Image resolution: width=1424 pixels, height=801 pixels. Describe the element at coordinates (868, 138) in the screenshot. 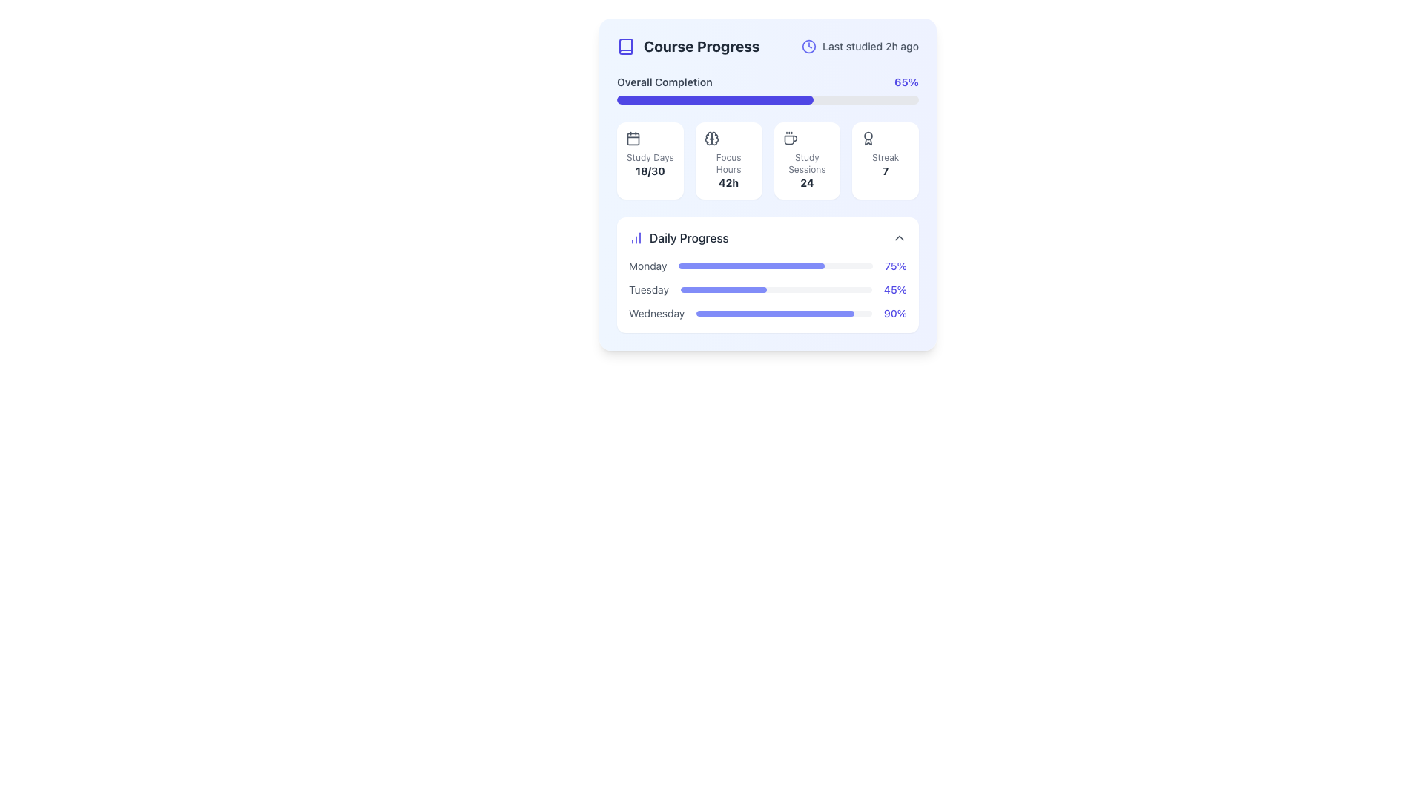

I see `the medal-like icon that is positioned above the text 'Streak' in the 'Course Progress' card` at that location.